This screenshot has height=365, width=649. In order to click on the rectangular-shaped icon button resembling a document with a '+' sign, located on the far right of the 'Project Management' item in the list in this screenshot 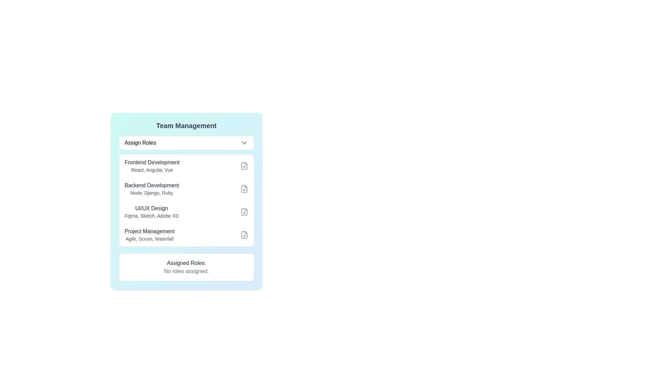, I will do `click(244, 234)`.